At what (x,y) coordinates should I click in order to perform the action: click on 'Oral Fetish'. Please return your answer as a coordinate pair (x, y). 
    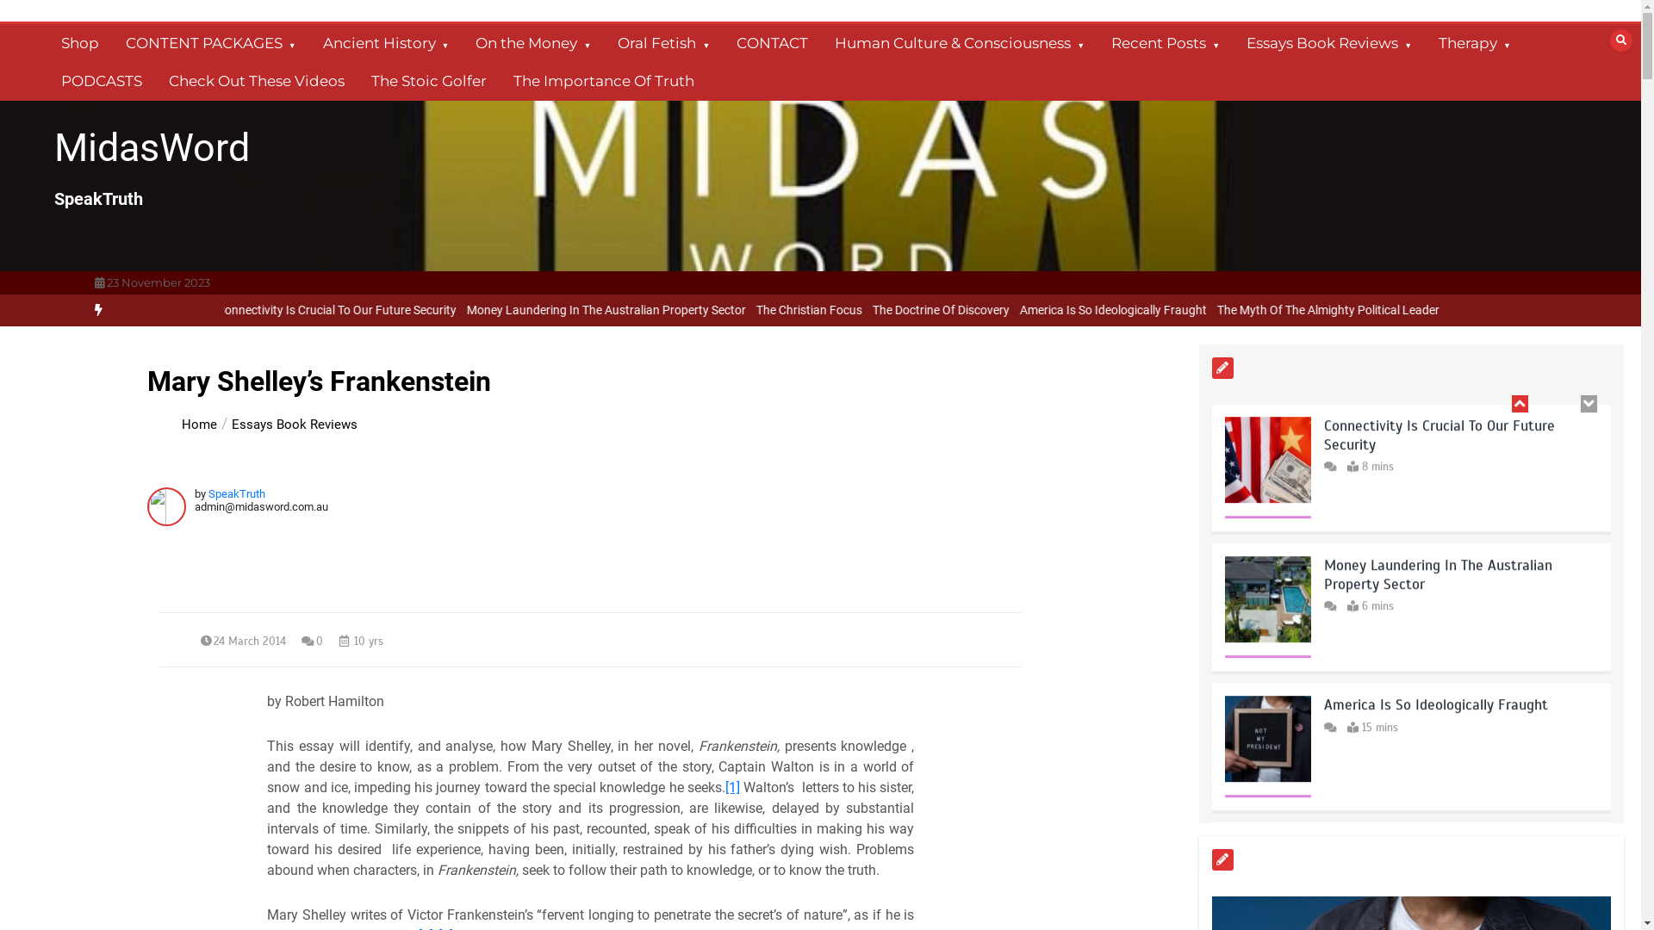
    Looking at the image, I should click on (662, 42).